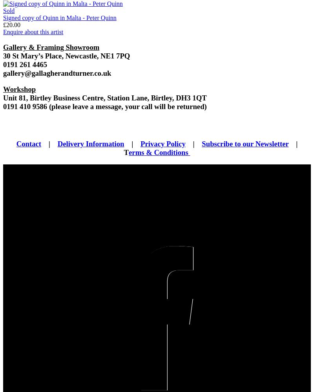 The height and width of the screenshot is (392, 314). I want to click on '30 St Mary’s Place, Newcastle, NE1 7PQ', so click(3, 56).